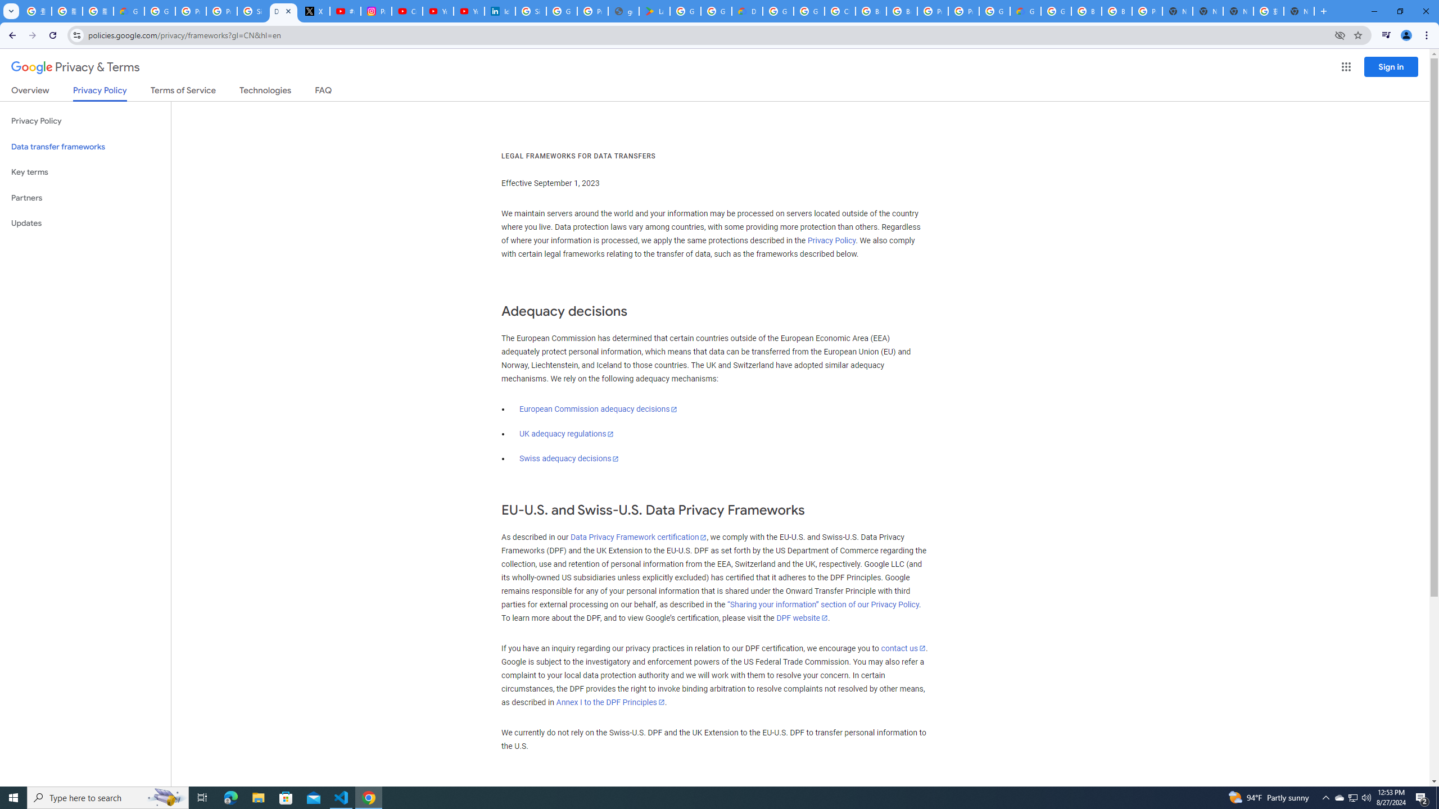  I want to click on 'Google Cloud Estimate Summary', so click(1025, 11).